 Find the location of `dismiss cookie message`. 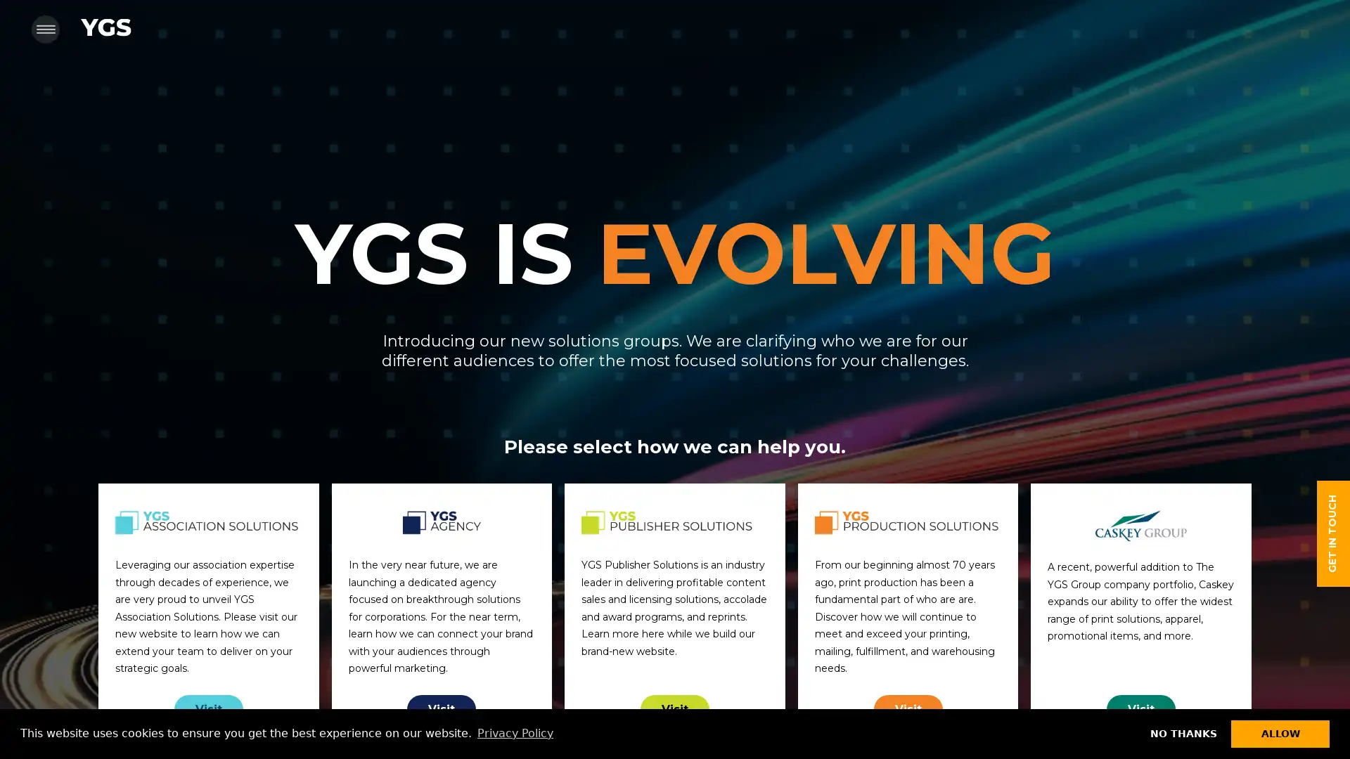

dismiss cookie message is located at coordinates (1182, 733).